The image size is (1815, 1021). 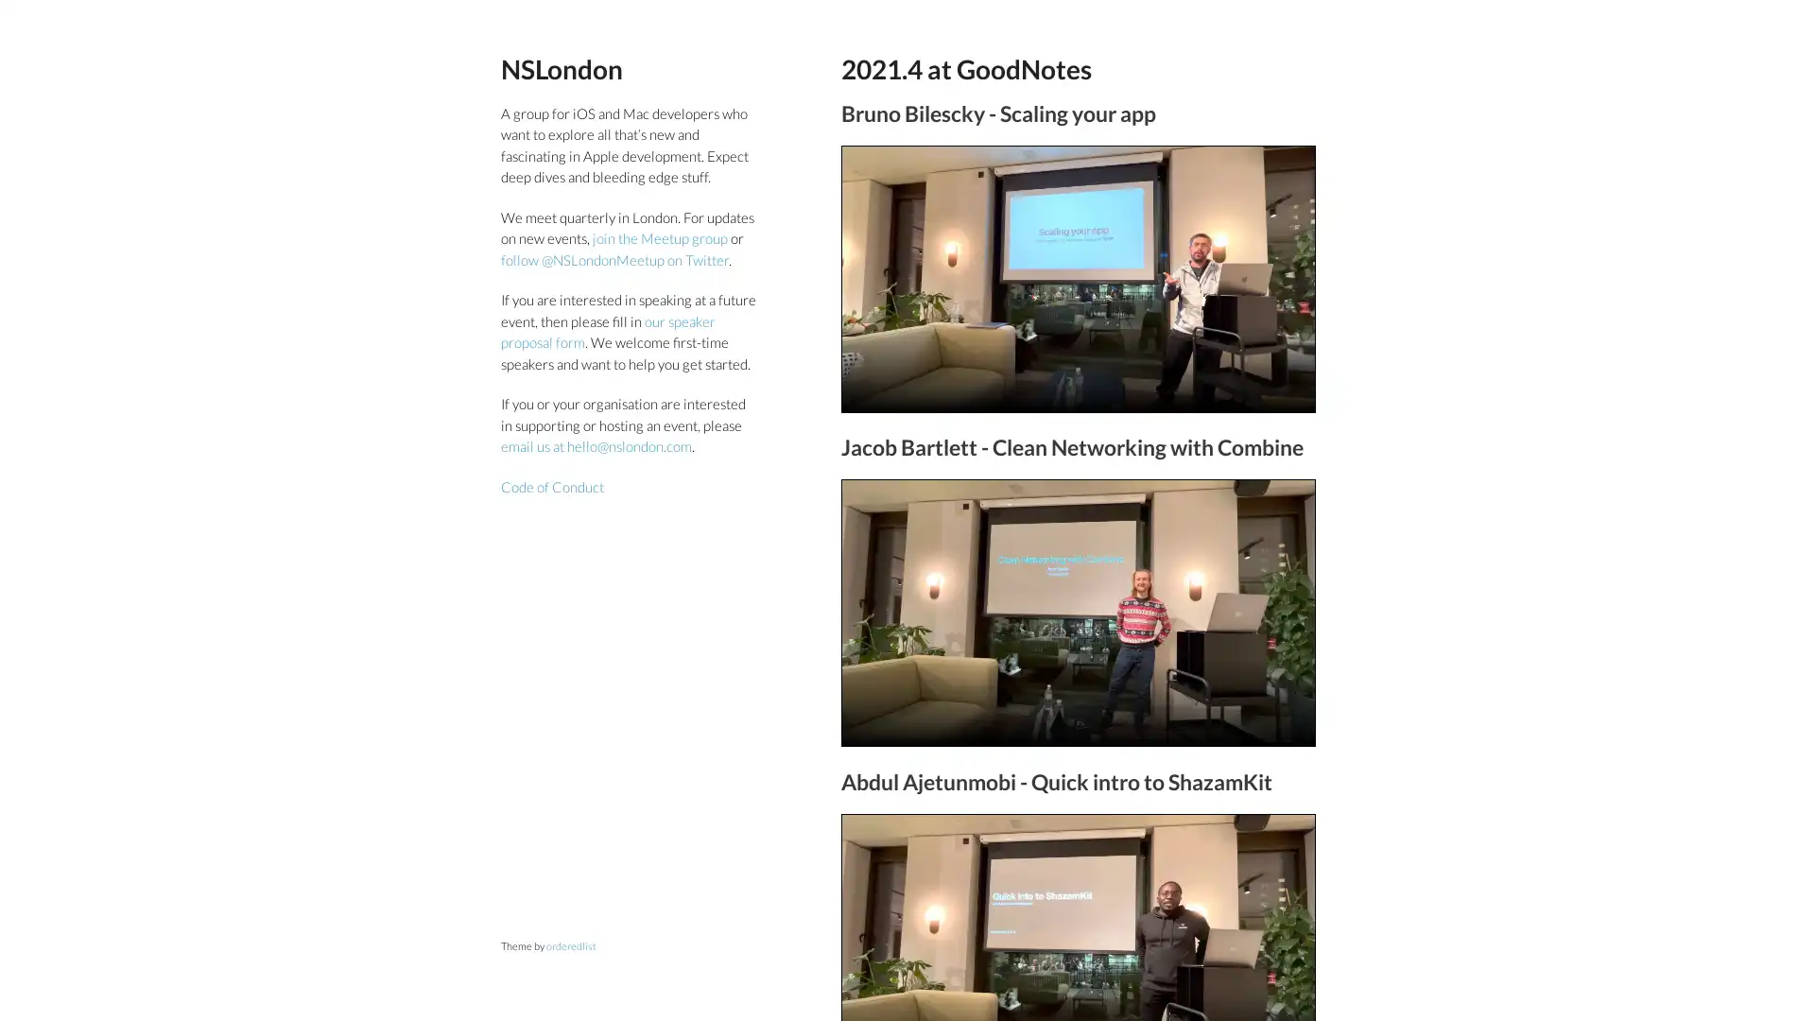 What do you see at coordinates (1291, 365) in the screenshot?
I see `show more media controls` at bounding box center [1291, 365].